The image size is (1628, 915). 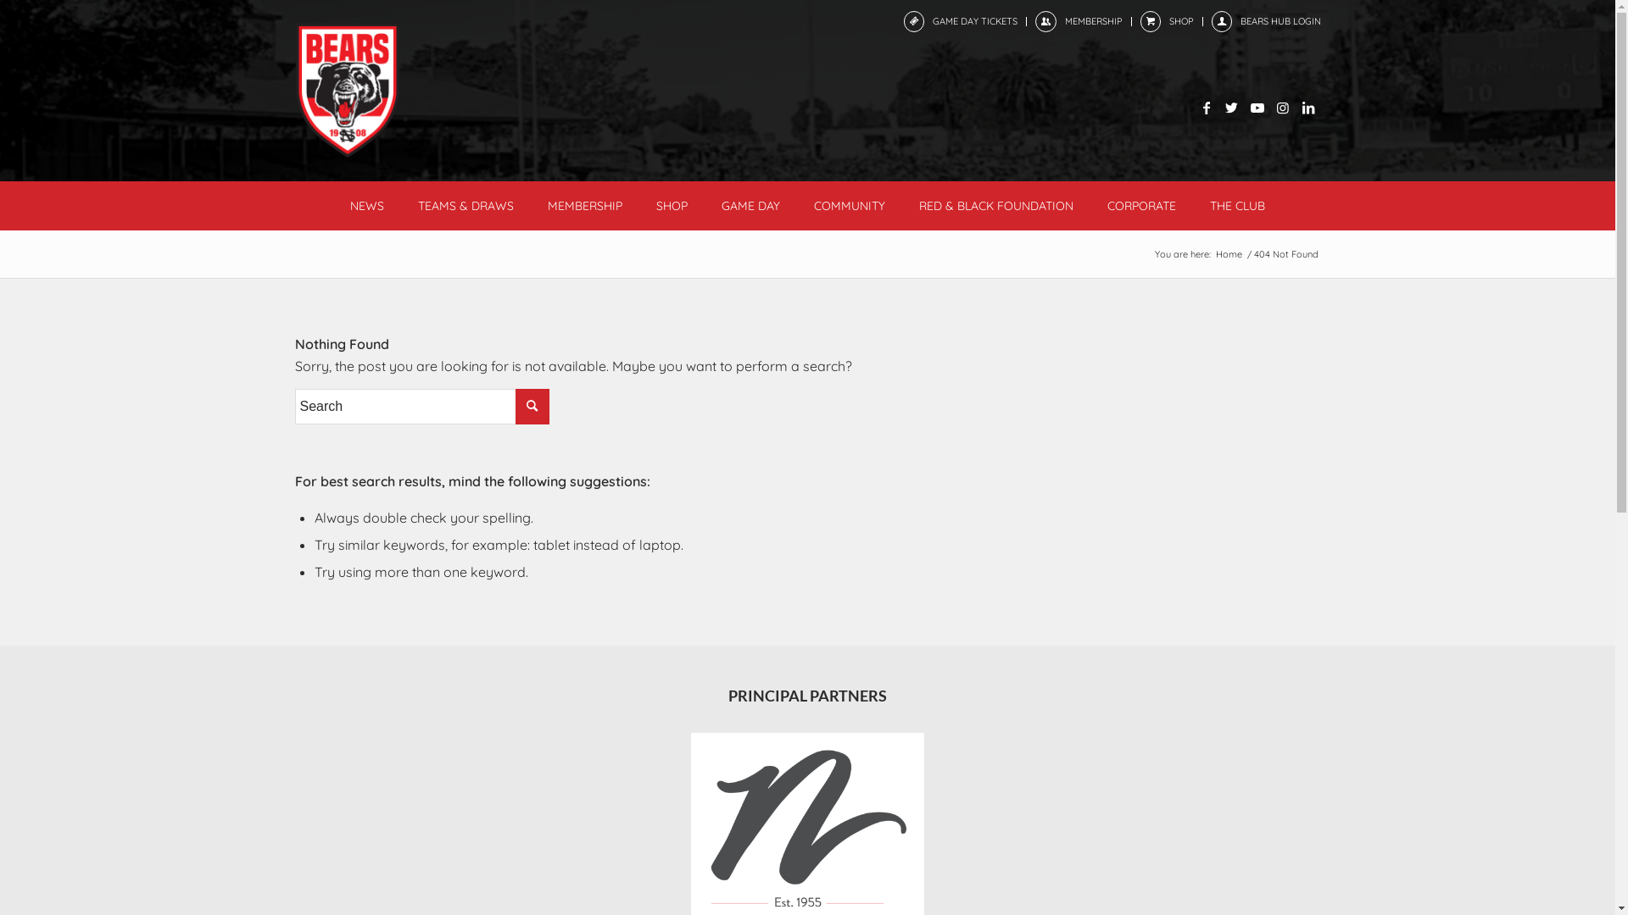 I want to click on 'MEMBERSHIP', so click(x=1094, y=20).